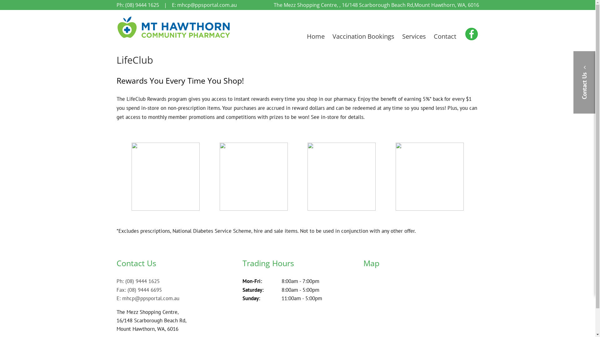 The image size is (600, 337). I want to click on 'home', so click(174, 37).